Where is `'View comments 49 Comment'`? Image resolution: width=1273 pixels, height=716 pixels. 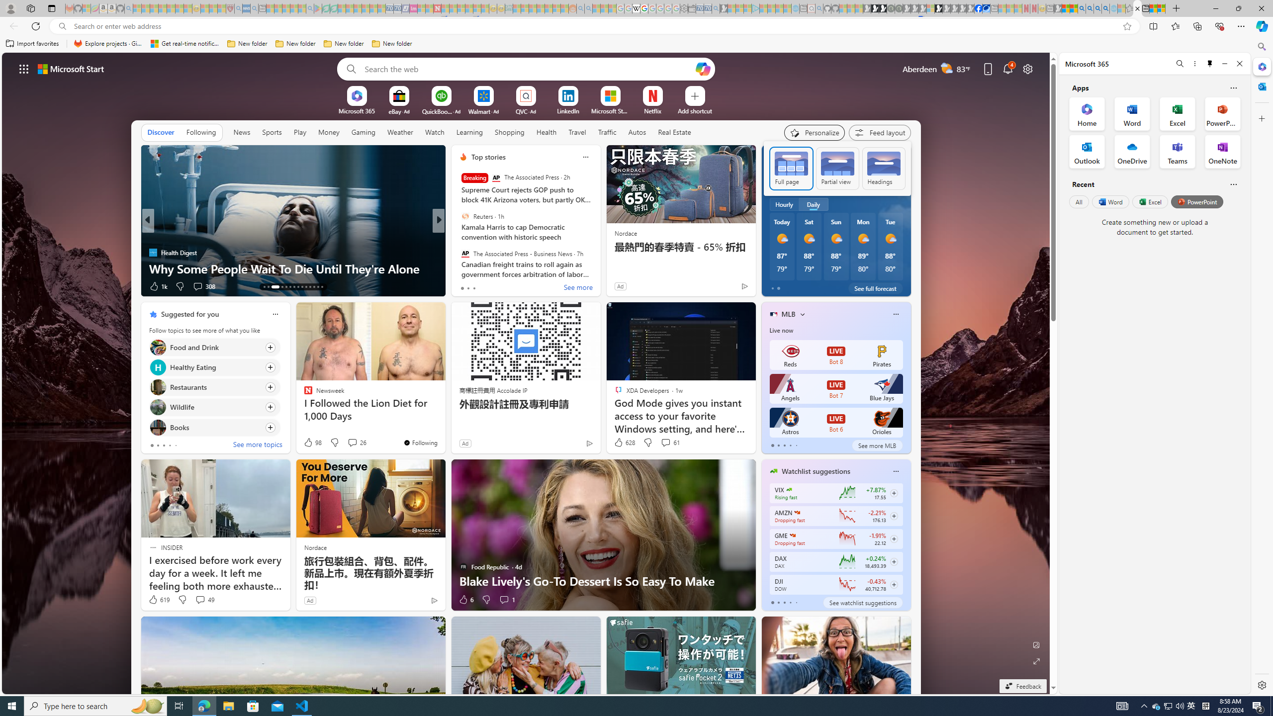
'View comments 49 Comment' is located at coordinates (203, 600).